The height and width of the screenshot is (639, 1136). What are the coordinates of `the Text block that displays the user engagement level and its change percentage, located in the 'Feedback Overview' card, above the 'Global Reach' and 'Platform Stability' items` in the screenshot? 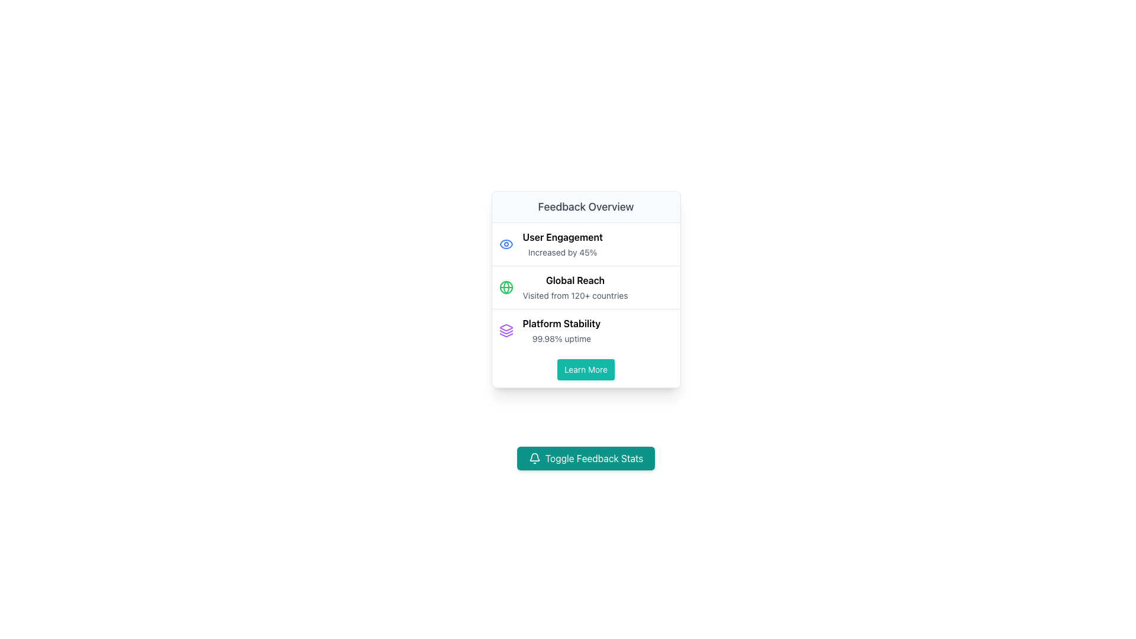 It's located at (562, 243).